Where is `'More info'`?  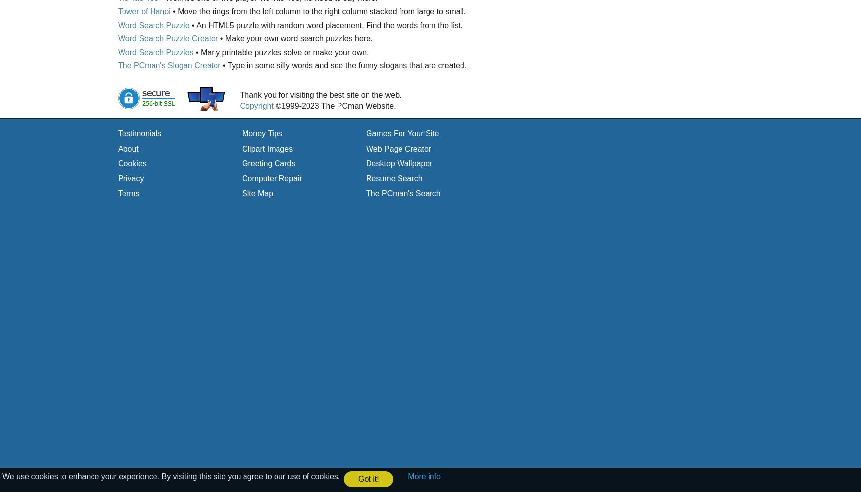
'More info' is located at coordinates (424, 475).